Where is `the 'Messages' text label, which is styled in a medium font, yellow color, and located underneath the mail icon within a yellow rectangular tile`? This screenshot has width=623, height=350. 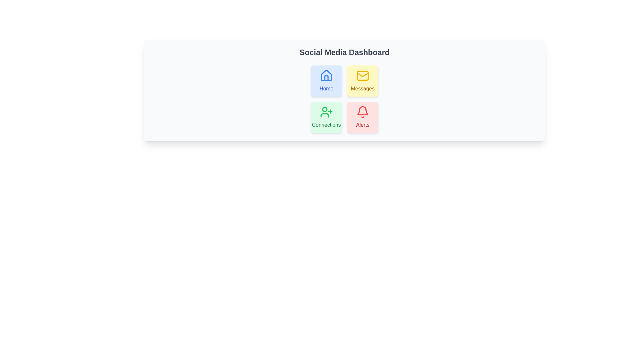
the 'Messages' text label, which is styled in a medium font, yellow color, and located underneath the mail icon within a yellow rectangular tile is located at coordinates (362, 88).